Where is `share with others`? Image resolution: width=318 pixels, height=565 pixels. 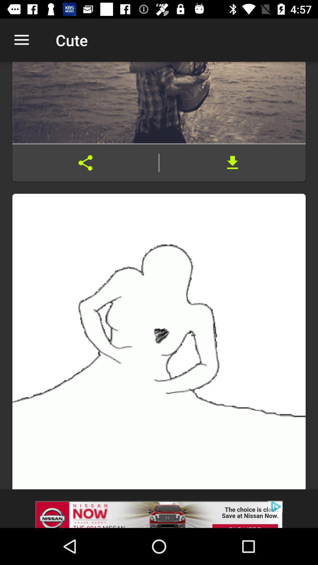 share with others is located at coordinates (85, 163).